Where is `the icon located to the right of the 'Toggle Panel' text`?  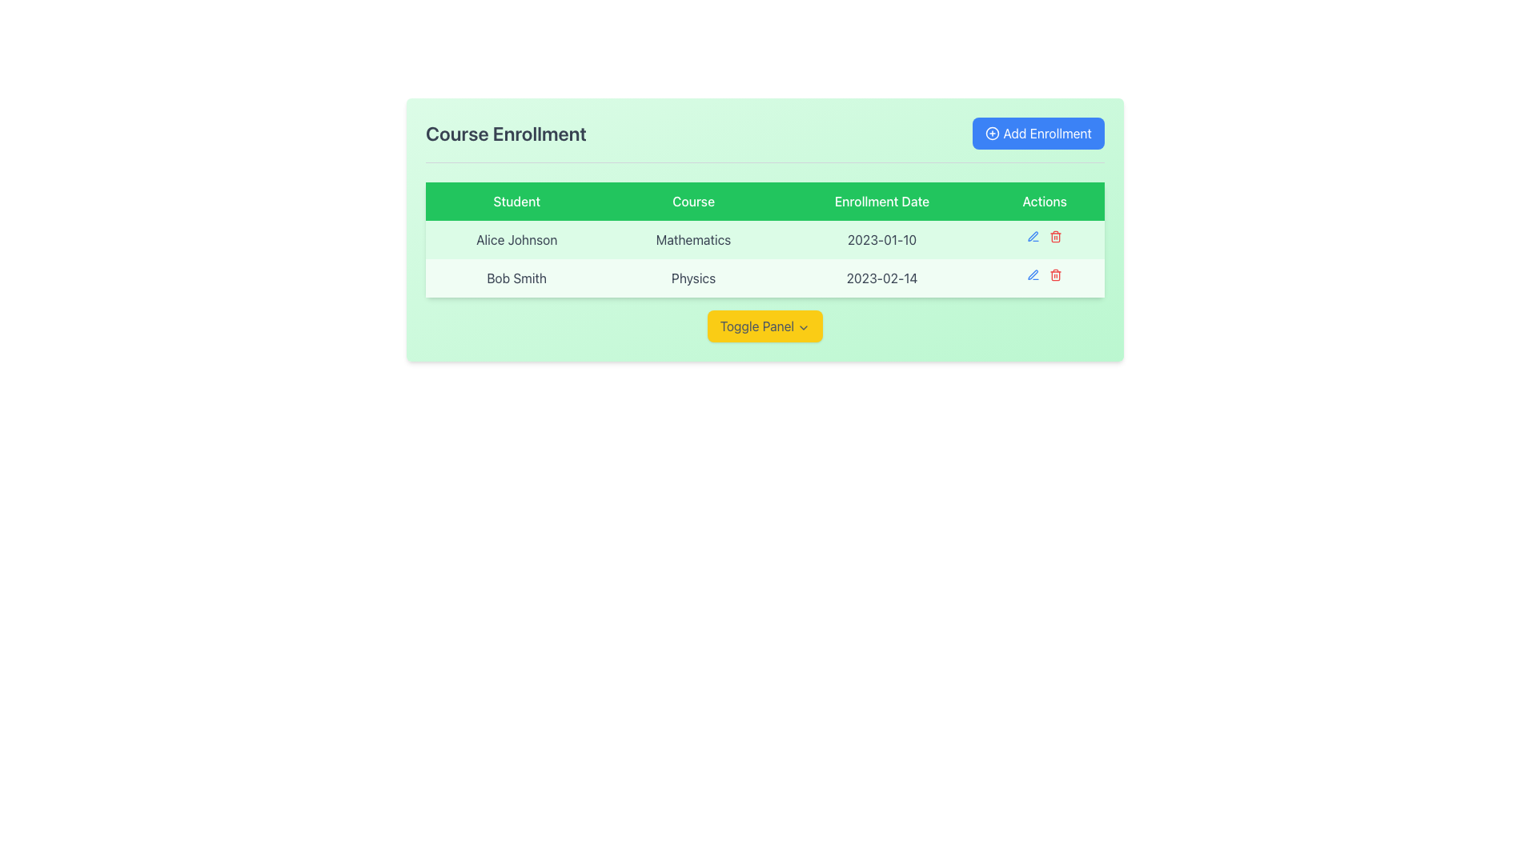 the icon located to the right of the 'Toggle Panel' text is located at coordinates (804, 326).